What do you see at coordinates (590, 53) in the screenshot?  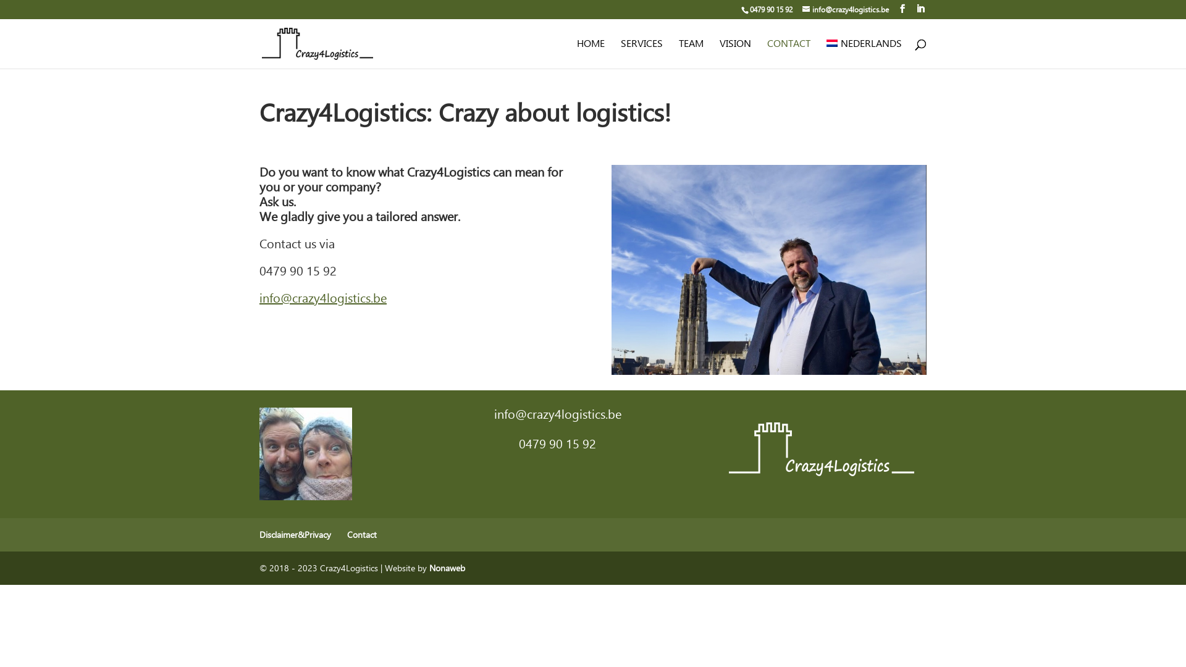 I see `'HOME'` at bounding box center [590, 53].